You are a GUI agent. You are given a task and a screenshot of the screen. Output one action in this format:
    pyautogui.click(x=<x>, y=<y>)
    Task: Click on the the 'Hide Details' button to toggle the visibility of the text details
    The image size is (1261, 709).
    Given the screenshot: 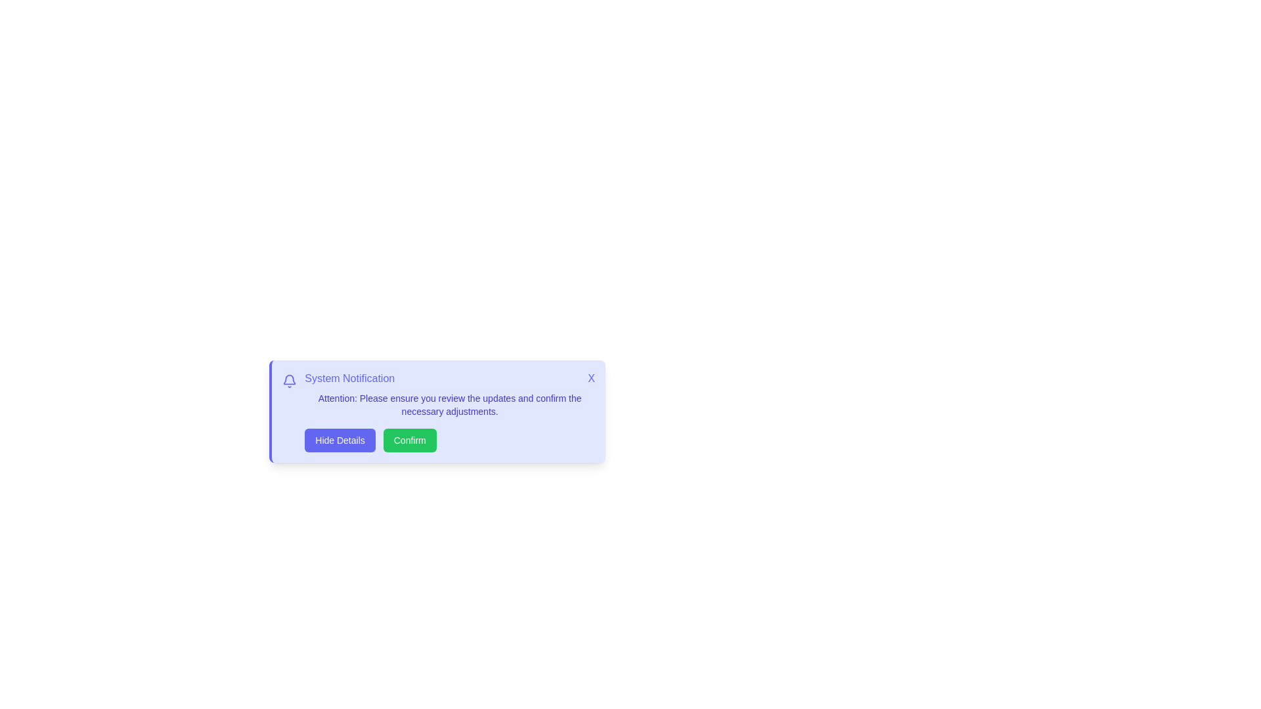 What is the action you would take?
    pyautogui.click(x=340, y=440)
    